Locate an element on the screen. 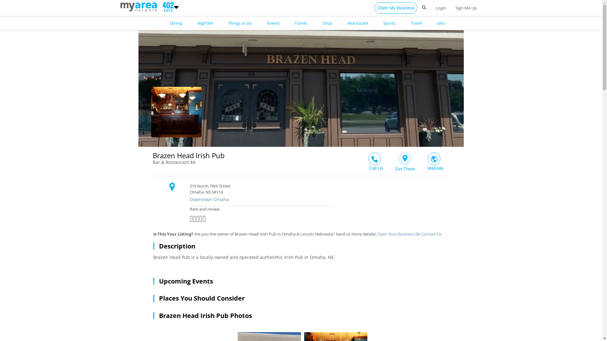 Image resolution: width=607 pixels, height=341 pixels. 'Jobs' is located at coordinates (440, 23).